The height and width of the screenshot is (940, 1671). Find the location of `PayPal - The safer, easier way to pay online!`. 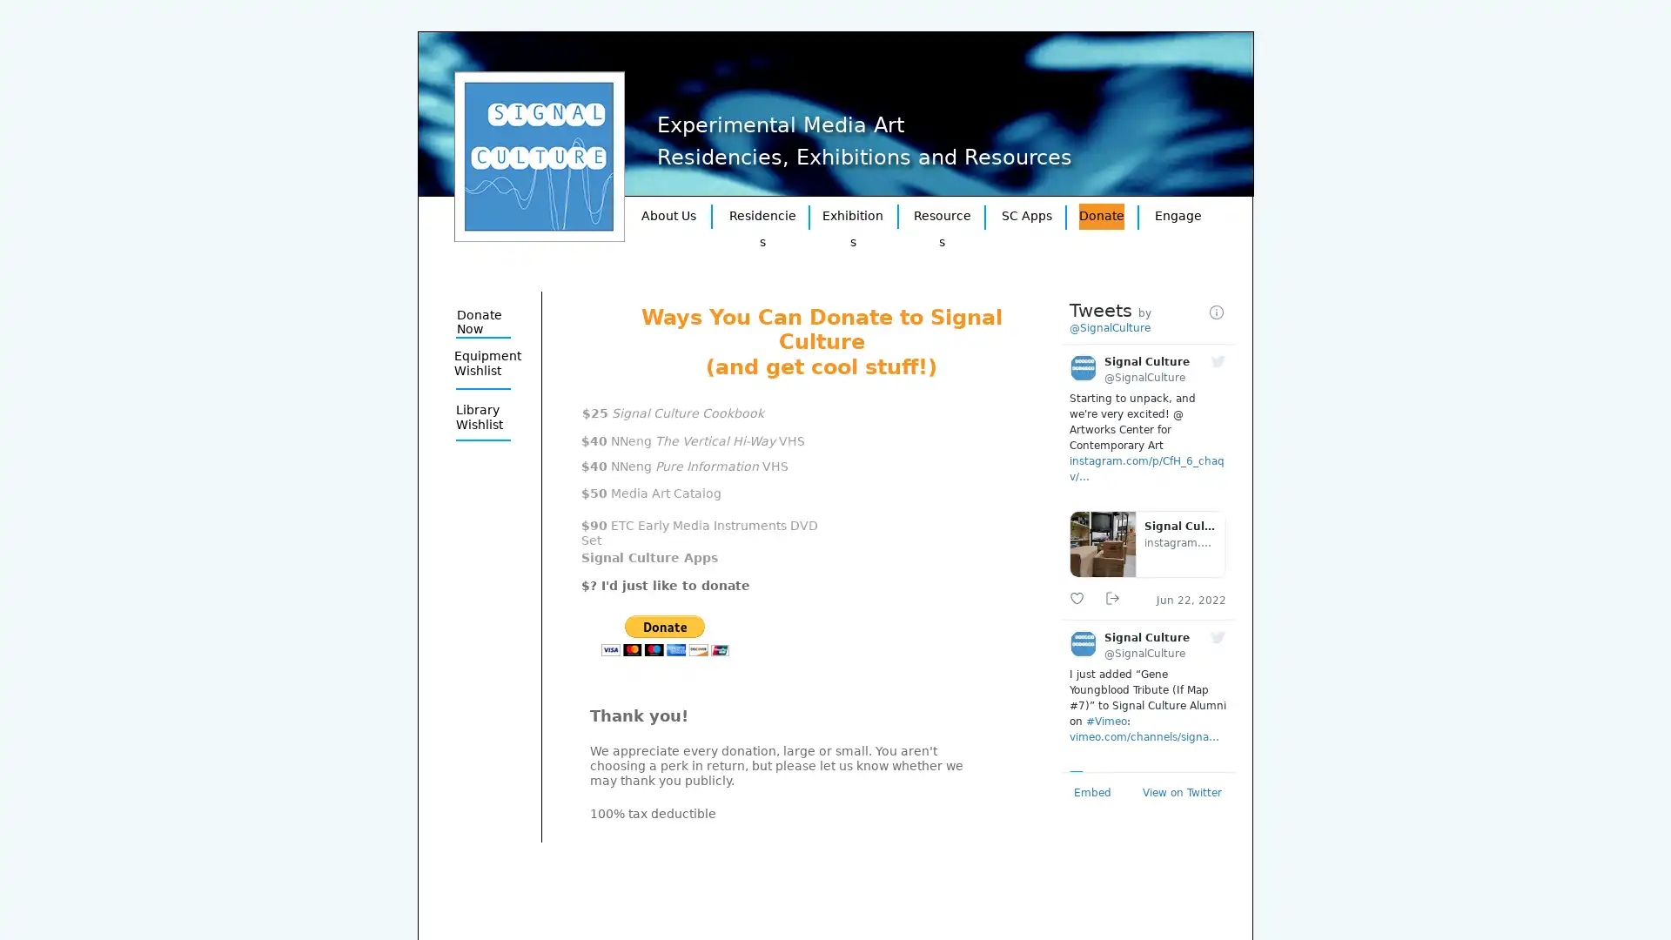

PayPal - The safer, easier way to pay online! is located at coordinates (664, 635).